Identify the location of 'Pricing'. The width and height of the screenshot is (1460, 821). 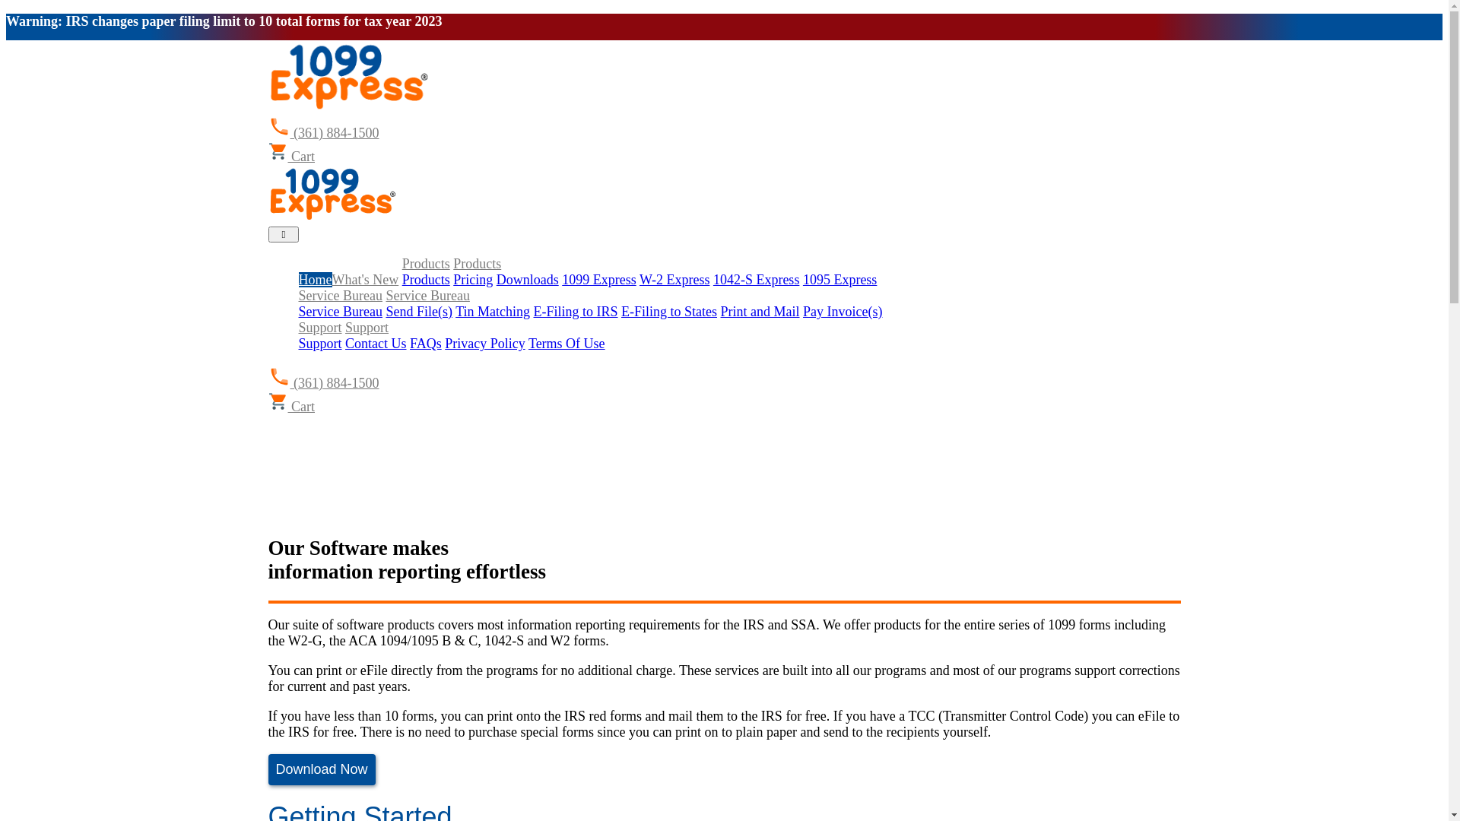
(452, 279).